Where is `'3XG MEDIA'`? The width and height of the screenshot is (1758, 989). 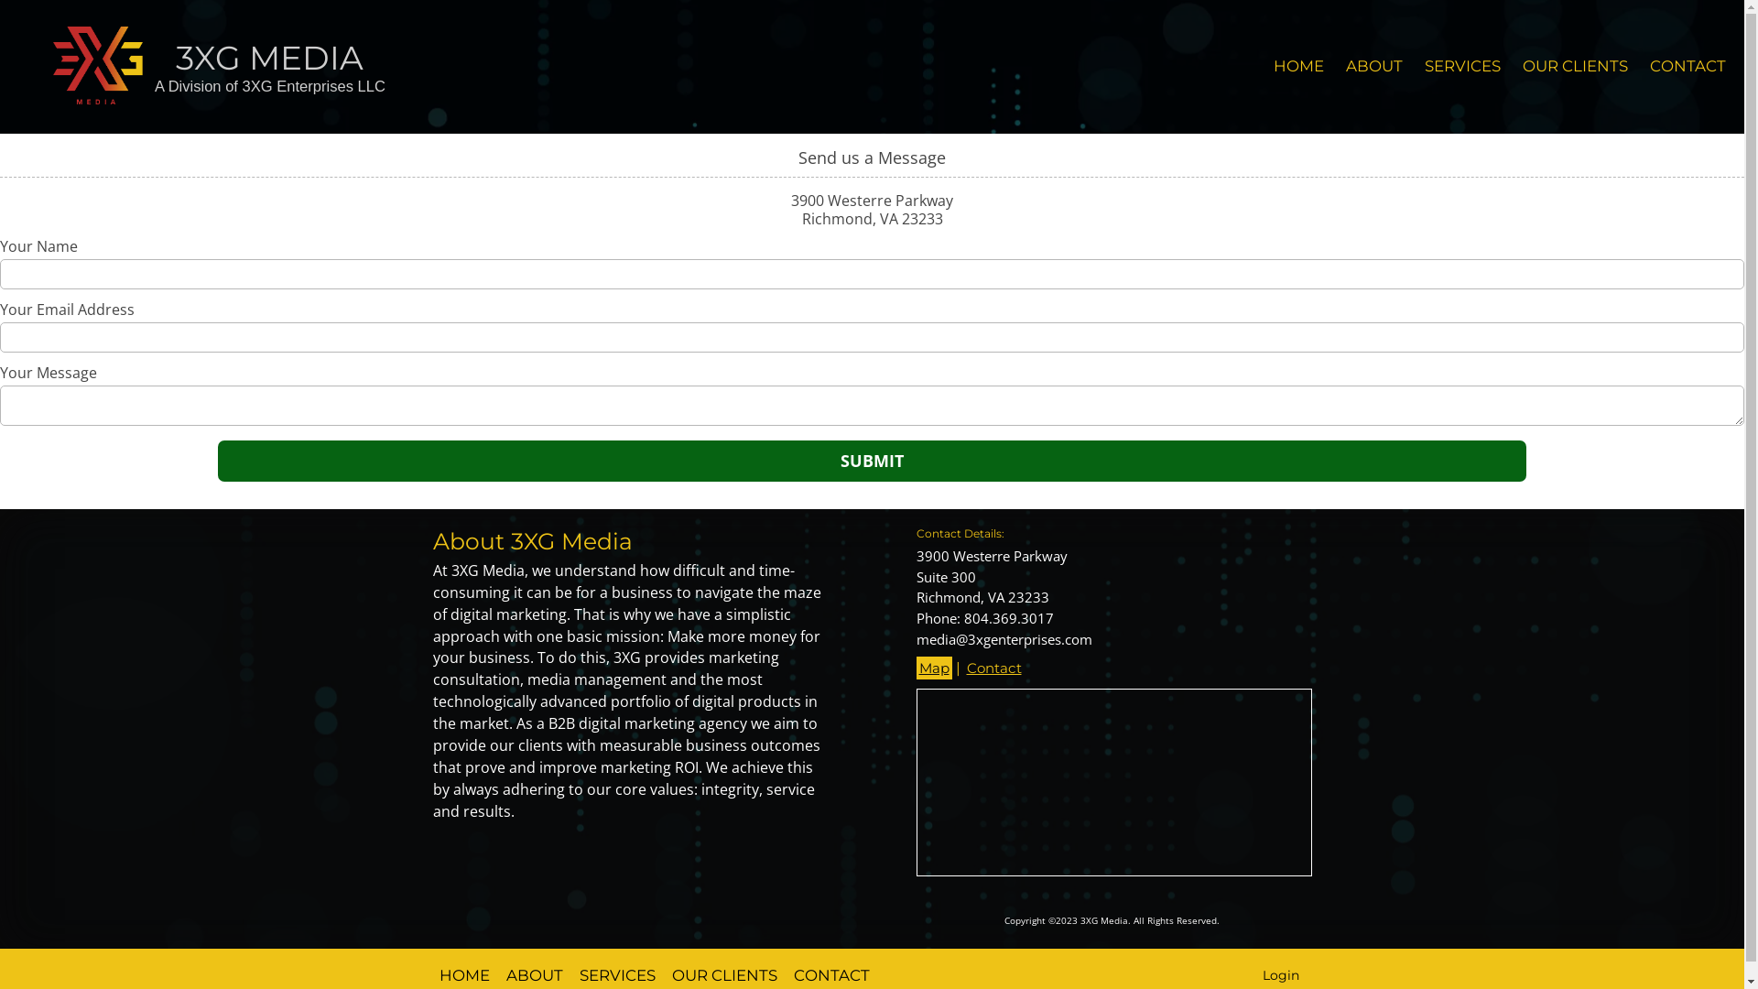
'3XG MEDIA' is located at coordinates (268, 56).